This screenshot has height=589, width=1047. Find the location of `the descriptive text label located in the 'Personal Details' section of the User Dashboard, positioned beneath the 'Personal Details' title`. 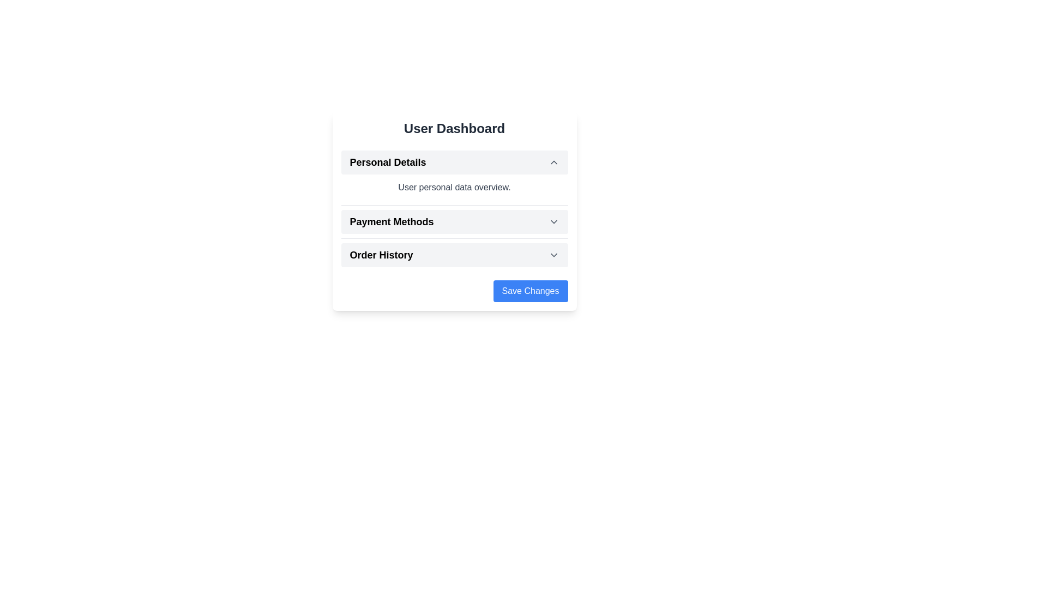

the descriptive text label located in the 'Personal Details' section of the User Dashboard, positioned beneath the 'Personal Details' title is located at coordinates (454, 187).